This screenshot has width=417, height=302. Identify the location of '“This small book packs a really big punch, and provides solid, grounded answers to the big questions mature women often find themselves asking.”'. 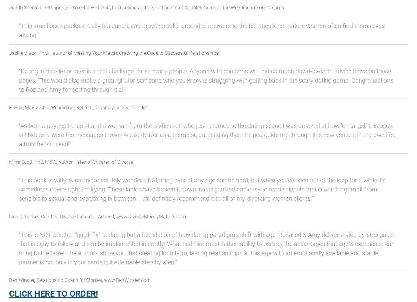
(201, 30).